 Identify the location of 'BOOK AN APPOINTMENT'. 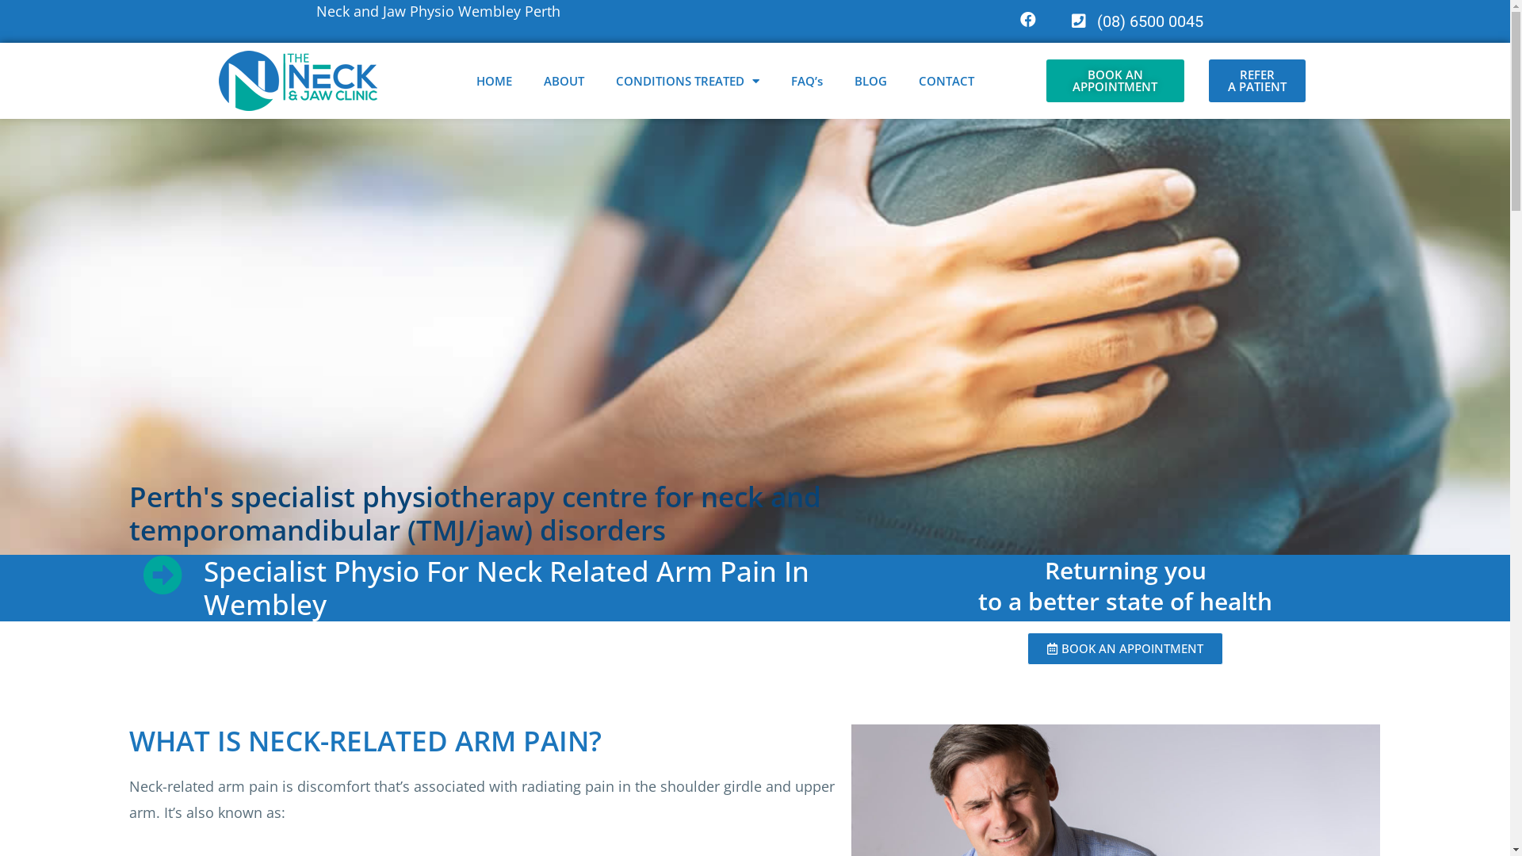
(1124, 648).